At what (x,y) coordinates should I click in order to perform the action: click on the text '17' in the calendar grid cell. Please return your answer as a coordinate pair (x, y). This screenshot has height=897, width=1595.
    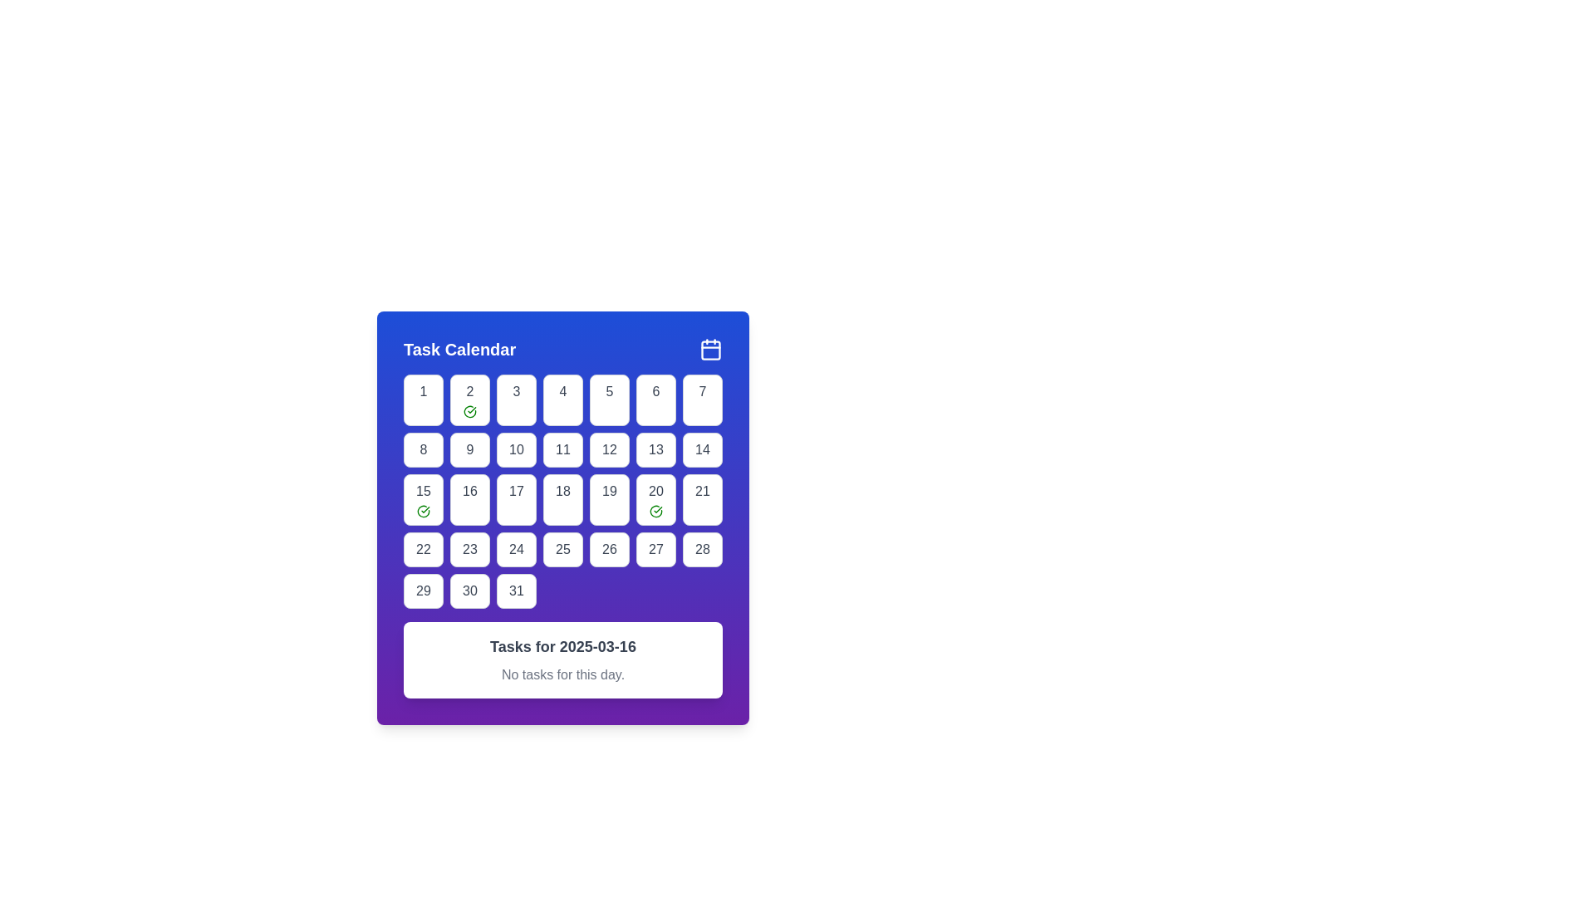
    Looking at the image, I should click on (516, 490).